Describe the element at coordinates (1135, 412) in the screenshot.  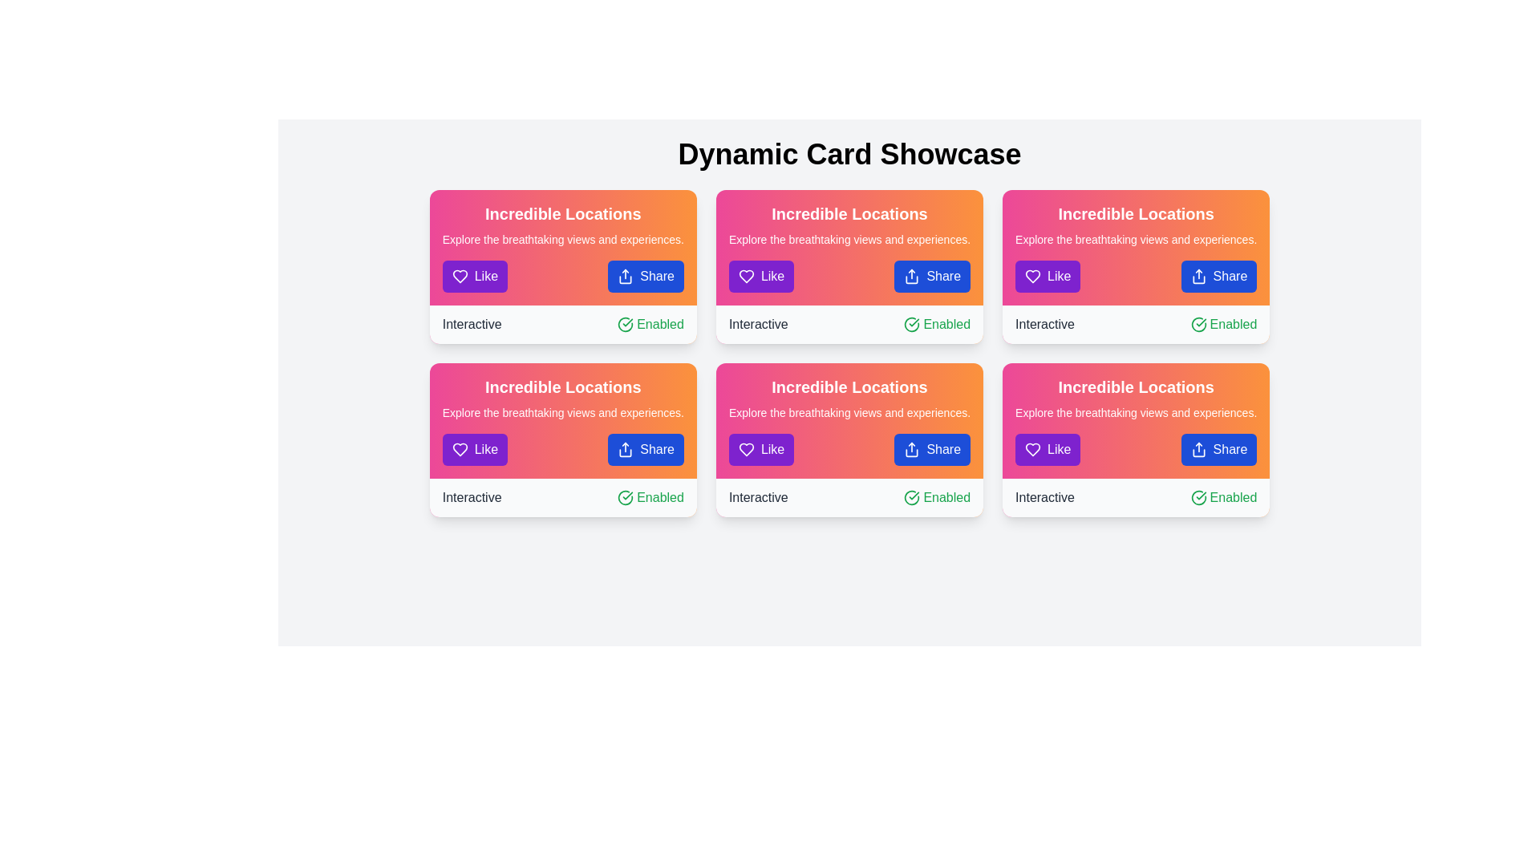
I see `the Text Label that provides additional information below the title 'Incredible Locations' in the card layout` at that location.